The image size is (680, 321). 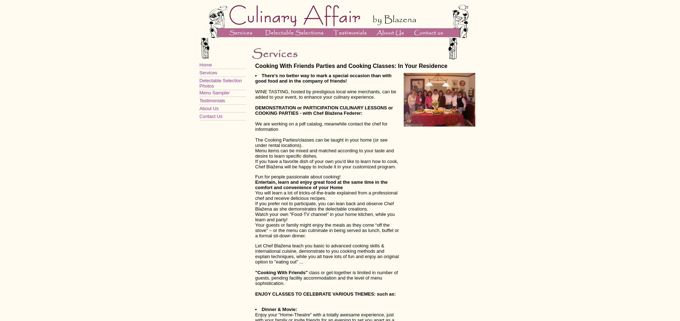 What do you see at coordinates (323, 110) in the screenshot?
I see `'DEMONSTRATION or PARTICIPATION CULINARY LESSONS or COOKING PARTIES - with Chef Blažena Federer:'` at bounding box center [323, 110].